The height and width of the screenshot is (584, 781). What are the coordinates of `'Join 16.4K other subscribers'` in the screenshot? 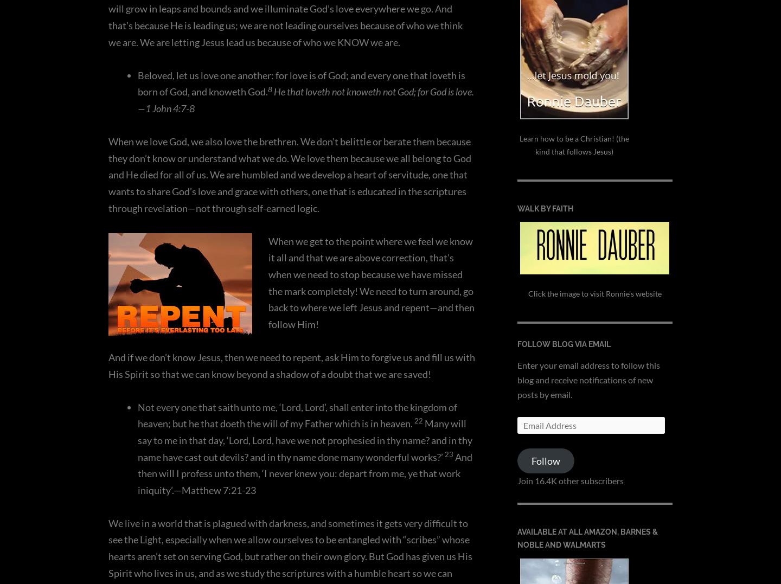 It's located at (571, 480).